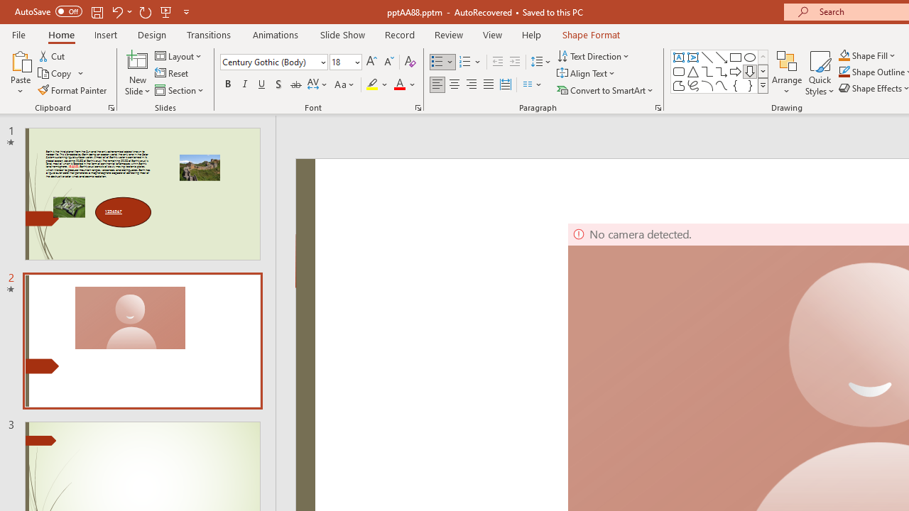 This screenshot has height=511, width=909. Describe the element at coordinates (720, 71) in the screenshot. I see `'AutomationID: ShapesInsertGallery'` at that location.